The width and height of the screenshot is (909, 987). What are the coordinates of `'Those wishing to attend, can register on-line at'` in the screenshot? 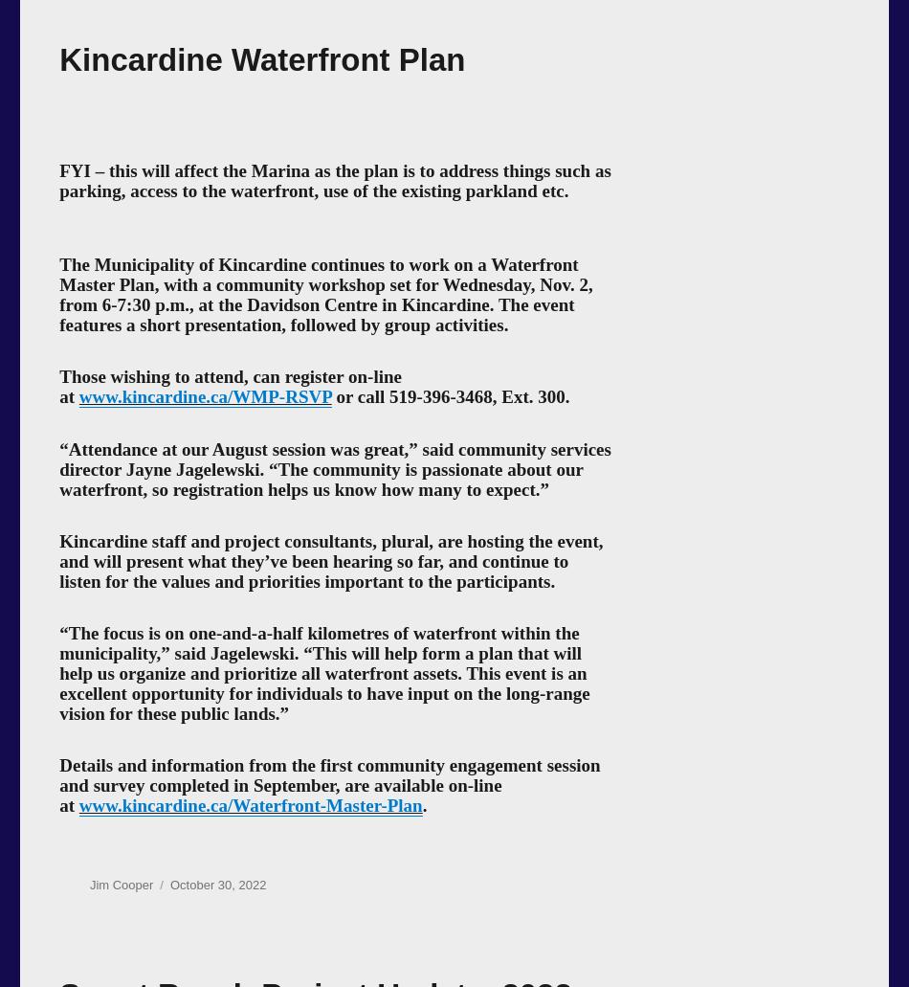 It's located at (59, 386).